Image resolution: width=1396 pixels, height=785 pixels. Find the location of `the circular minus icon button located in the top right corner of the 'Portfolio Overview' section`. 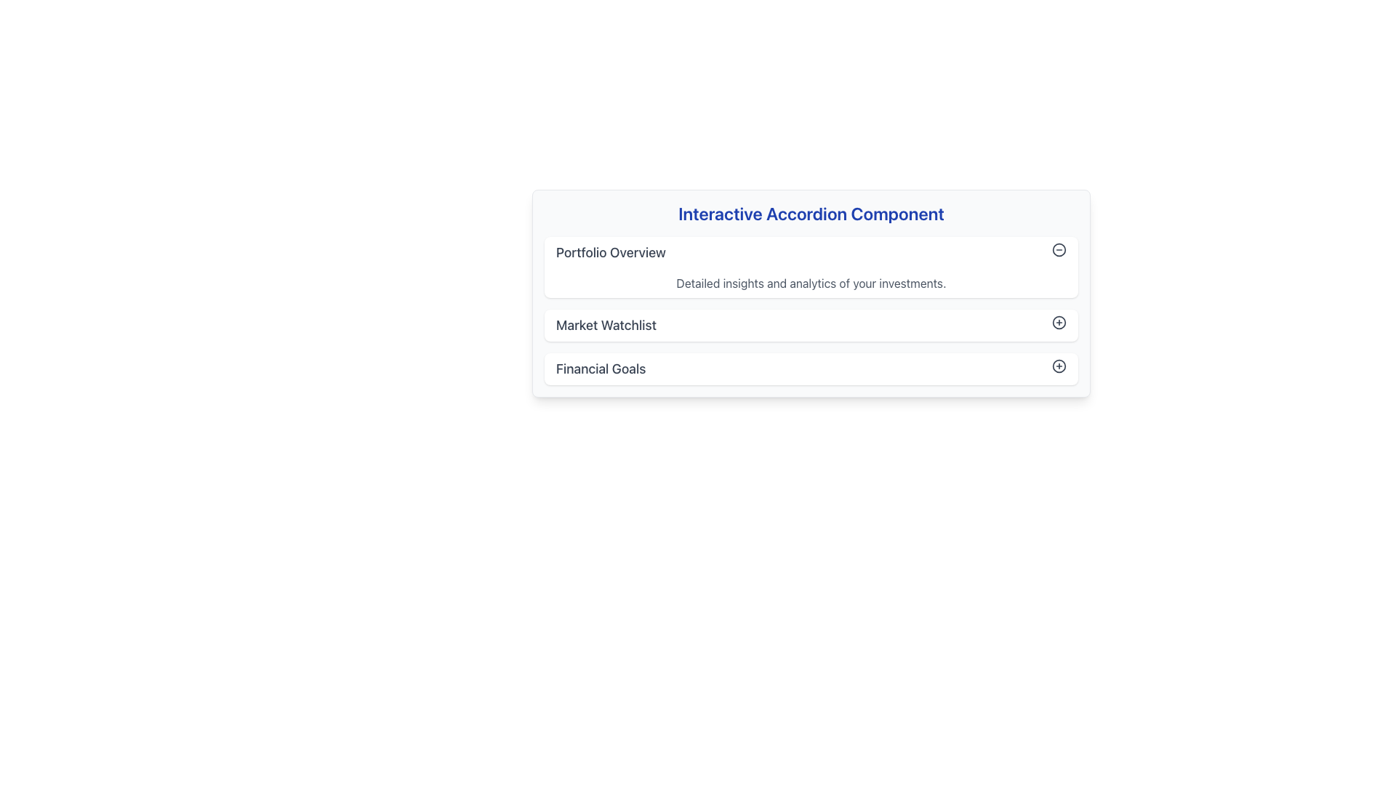

the circular minus icon button located in the top right corner of the 'Portfolio Overview' section is located at coordinates (1059, 249).